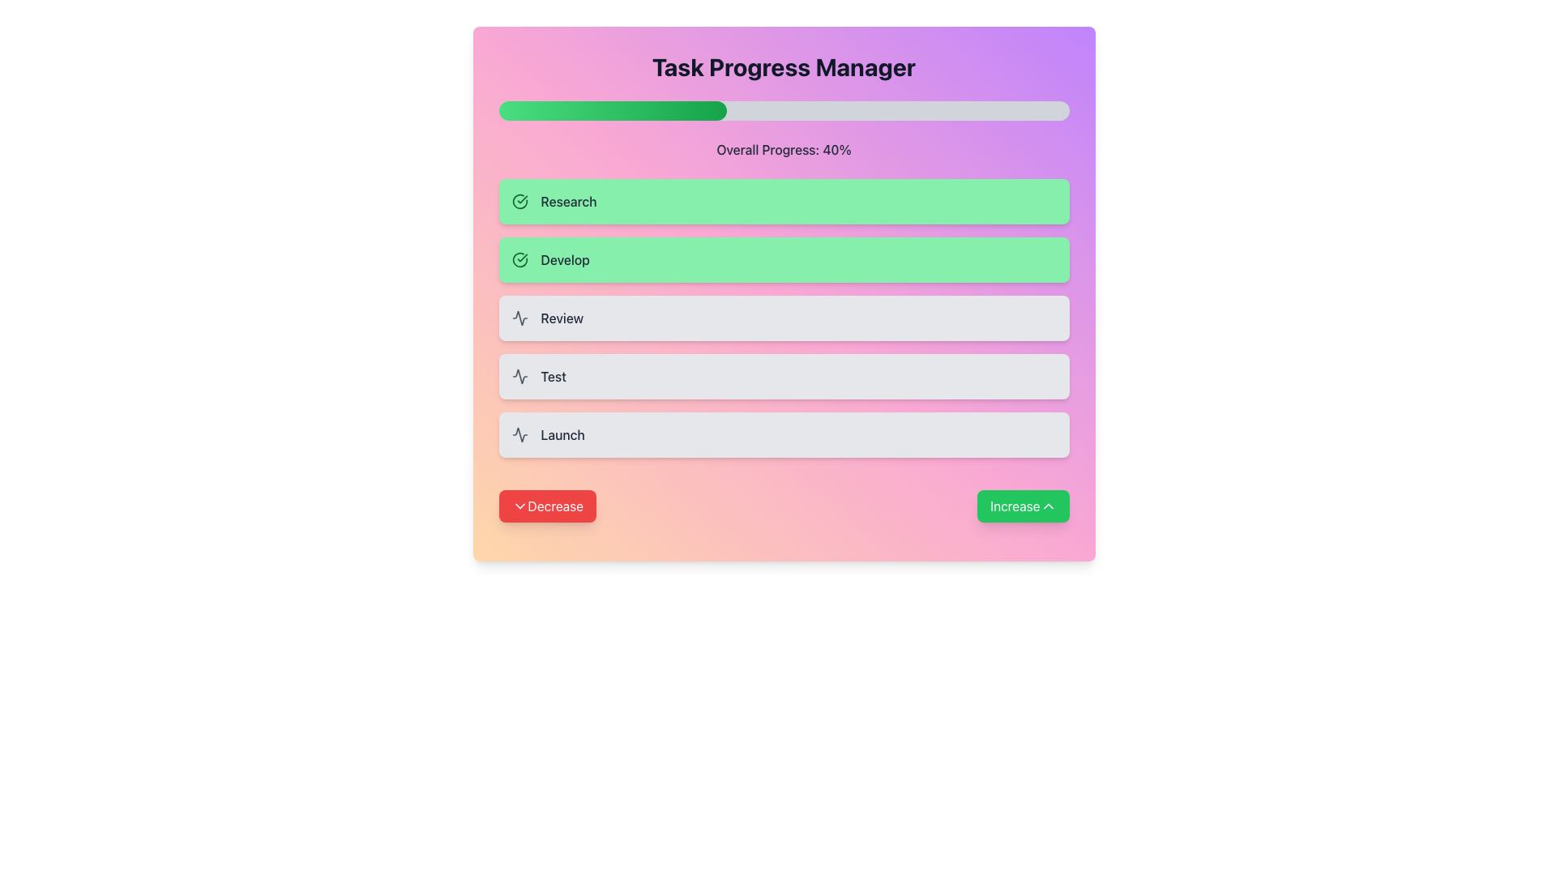 Image resolution: width=1556 pixels, height=875 pixels. Describe the element at coordinates (784, 258) in the screenshot. I see `the 'Develop' button located centrally in the 'Task Progress Manager' interface, which is the second button in a vertical list of buttons, below the 'Research' button and above the 'Review' button, to use associated controls` at that location.